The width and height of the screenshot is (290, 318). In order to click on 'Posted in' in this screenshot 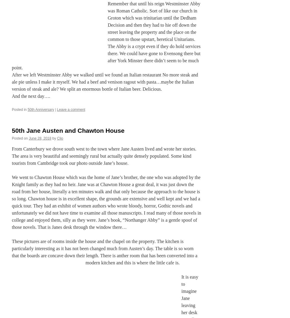, I will do `click(19, 109)`.